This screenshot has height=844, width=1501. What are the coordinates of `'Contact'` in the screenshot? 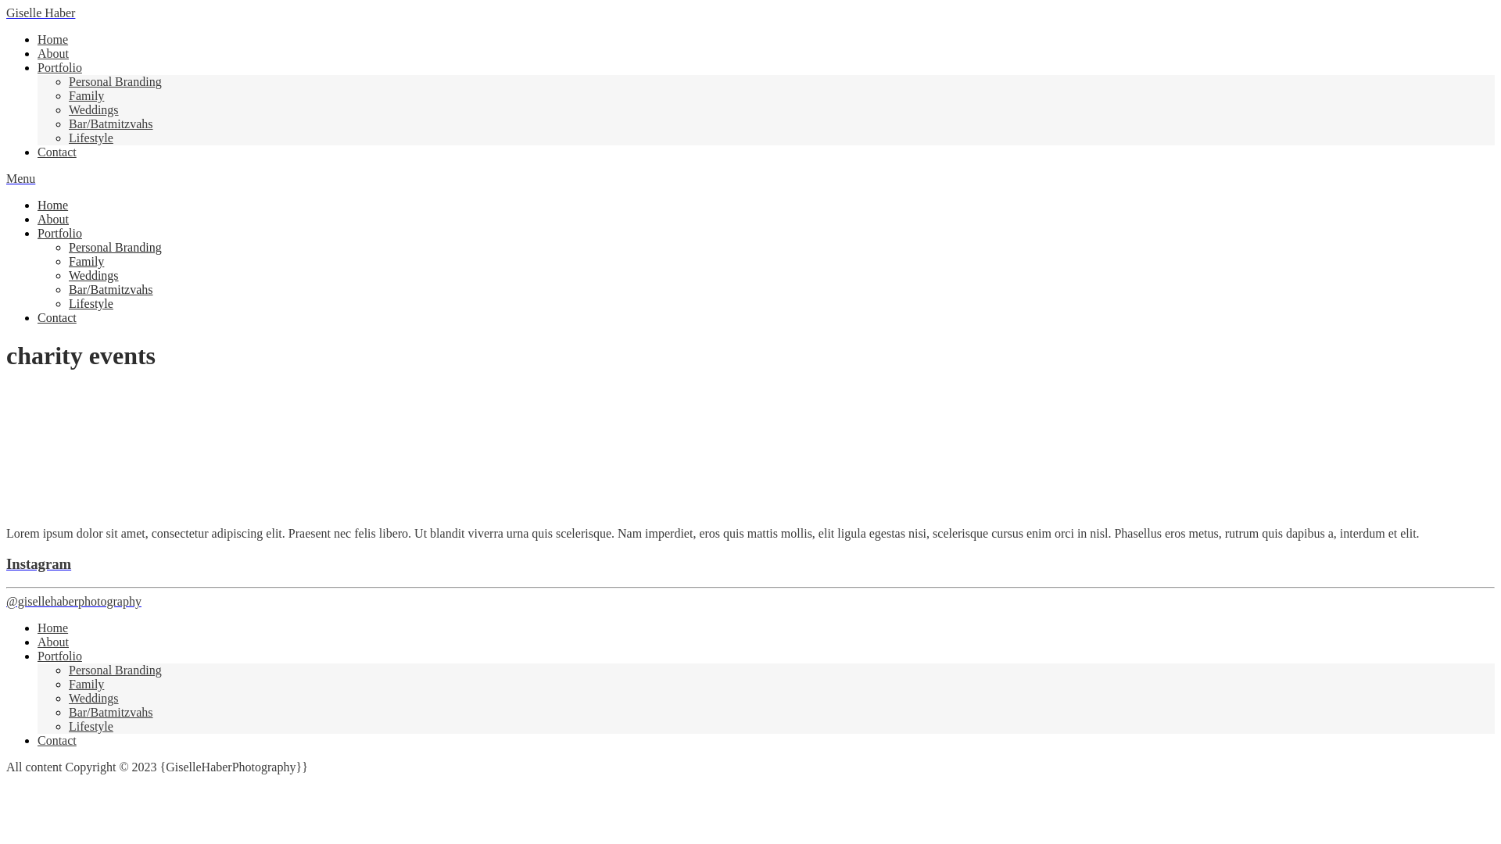 It's located at (56, 316).